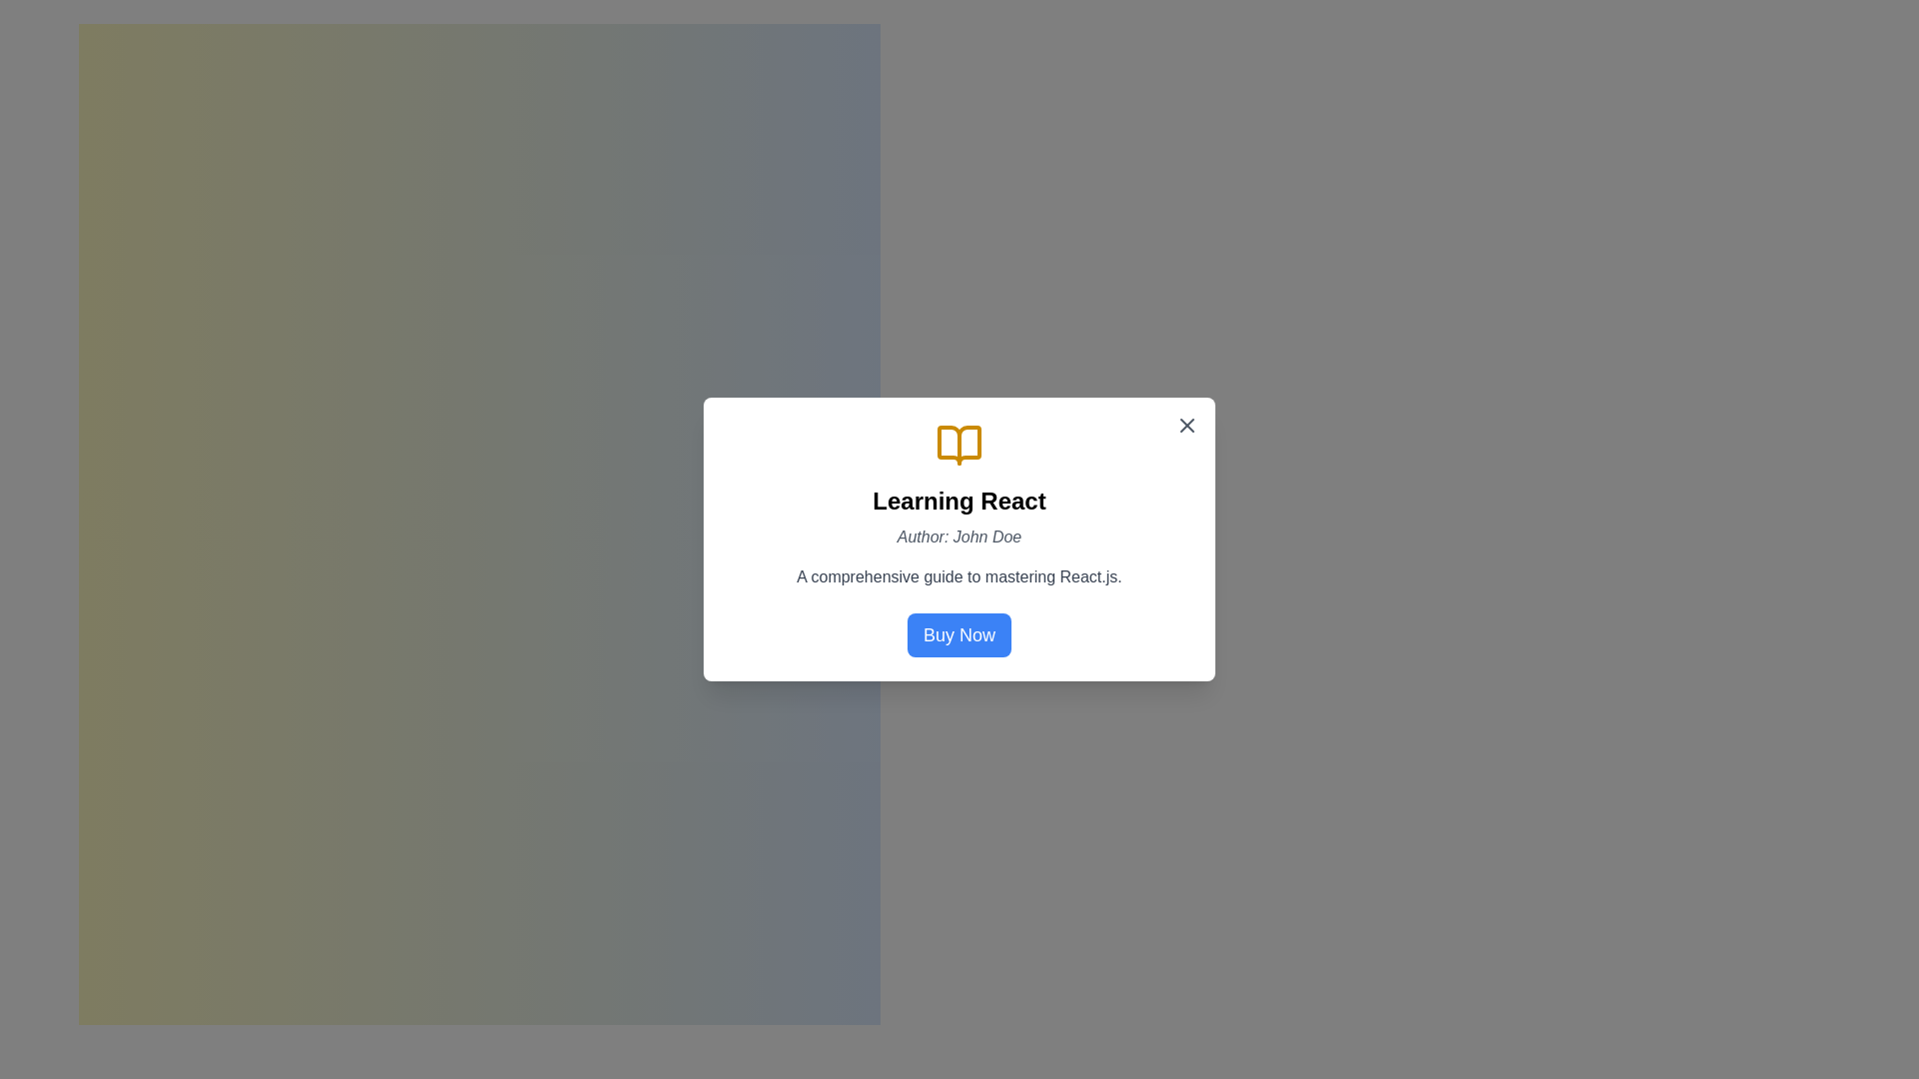 The width and height of the screenshot is (1919, 1079). Describe the element at coordinates (1187, 424) in the screenshot. I see `the close icon button (X) located in the top-right corner of the white modal window` at that location.